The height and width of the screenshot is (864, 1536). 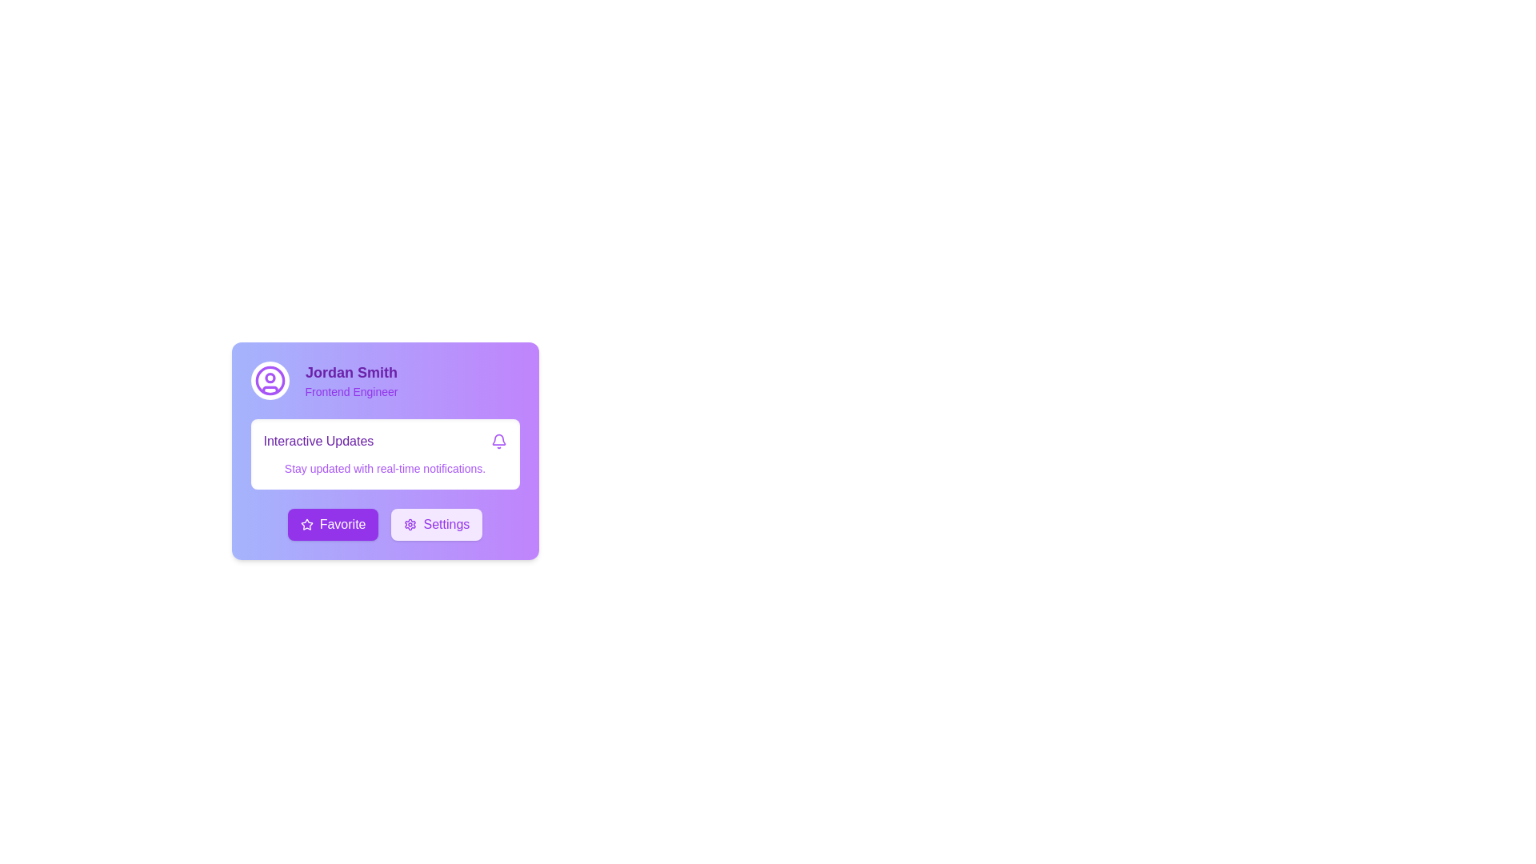 I want to click on the informative text located below the 'Interactive Updates' text, which is centered within the white rectangular card on a purple background, so click(x=385, y=468).